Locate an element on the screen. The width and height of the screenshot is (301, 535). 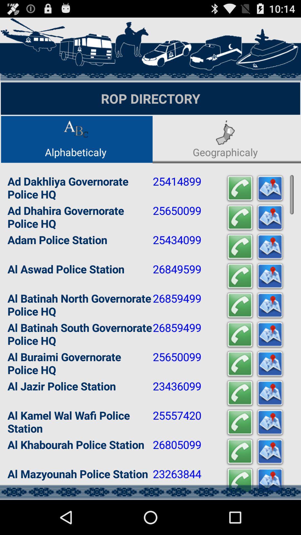
get directions is located at coordinates (270, 217).